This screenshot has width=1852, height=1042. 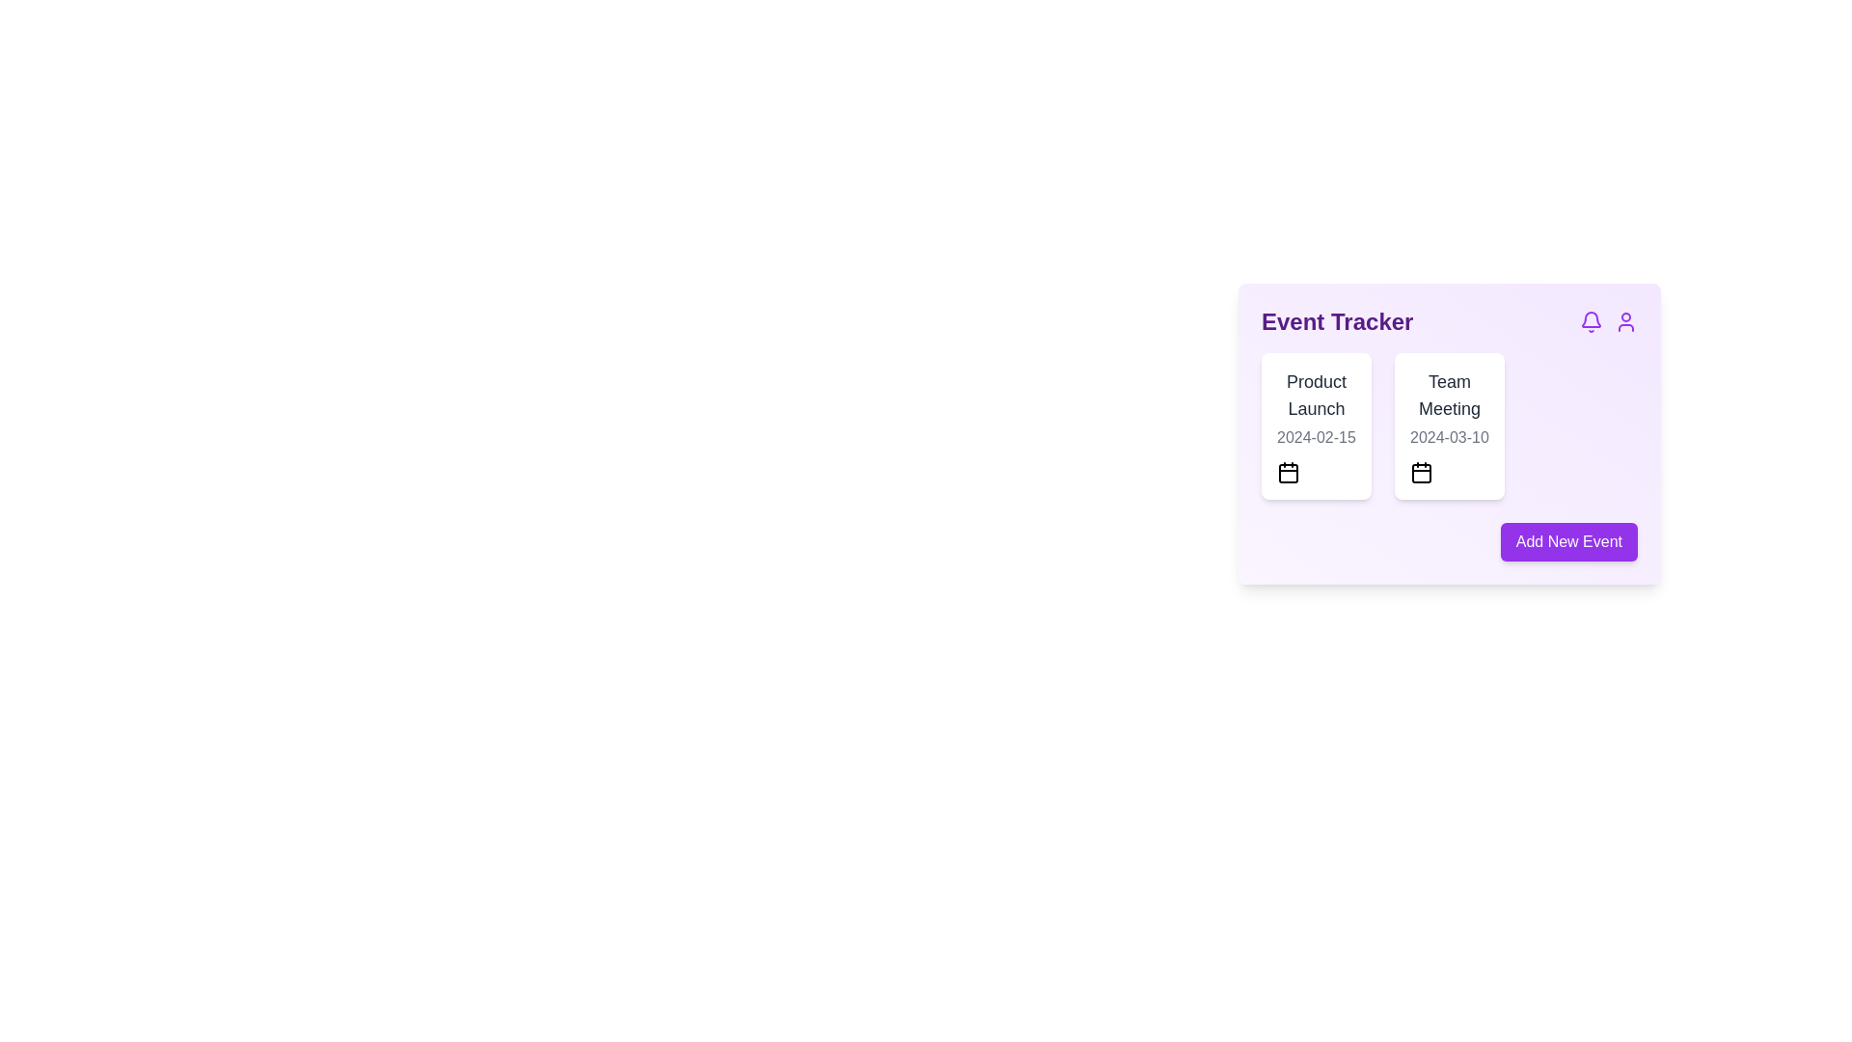 I want to click on the SVG rectangle that represents the body area of the calendar icon next to the 'Product Launch' event, so click(x=1288, y=473).